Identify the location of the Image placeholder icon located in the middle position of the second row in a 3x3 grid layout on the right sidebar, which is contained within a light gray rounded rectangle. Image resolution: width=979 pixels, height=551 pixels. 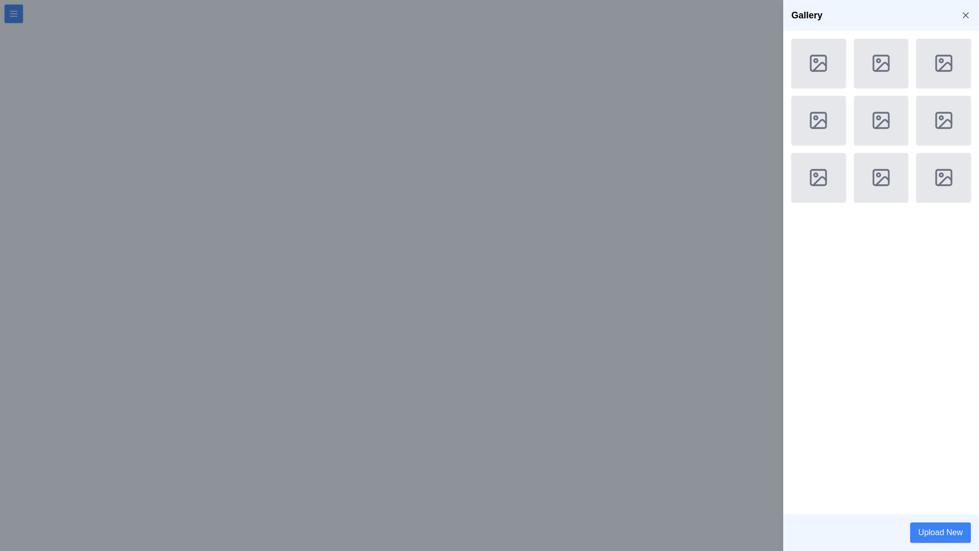
(881, 119).